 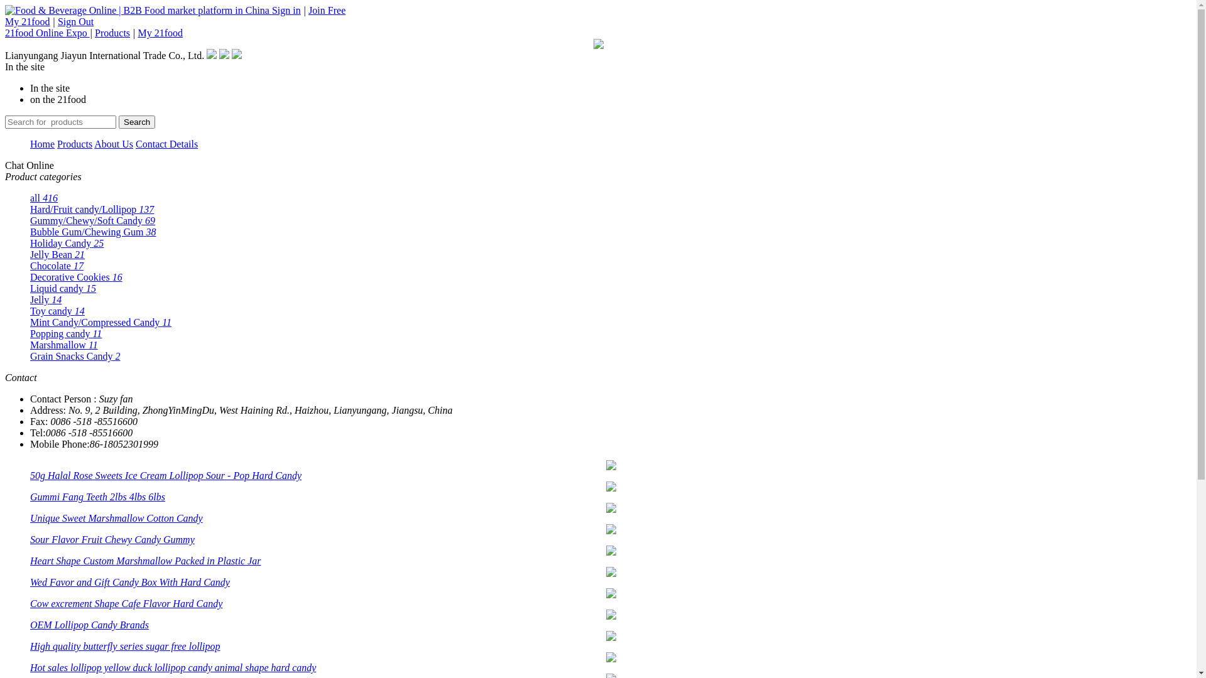 I want to click on 'Hard/Fruit candy/Lollipop 137', so click(x=91, y=208).